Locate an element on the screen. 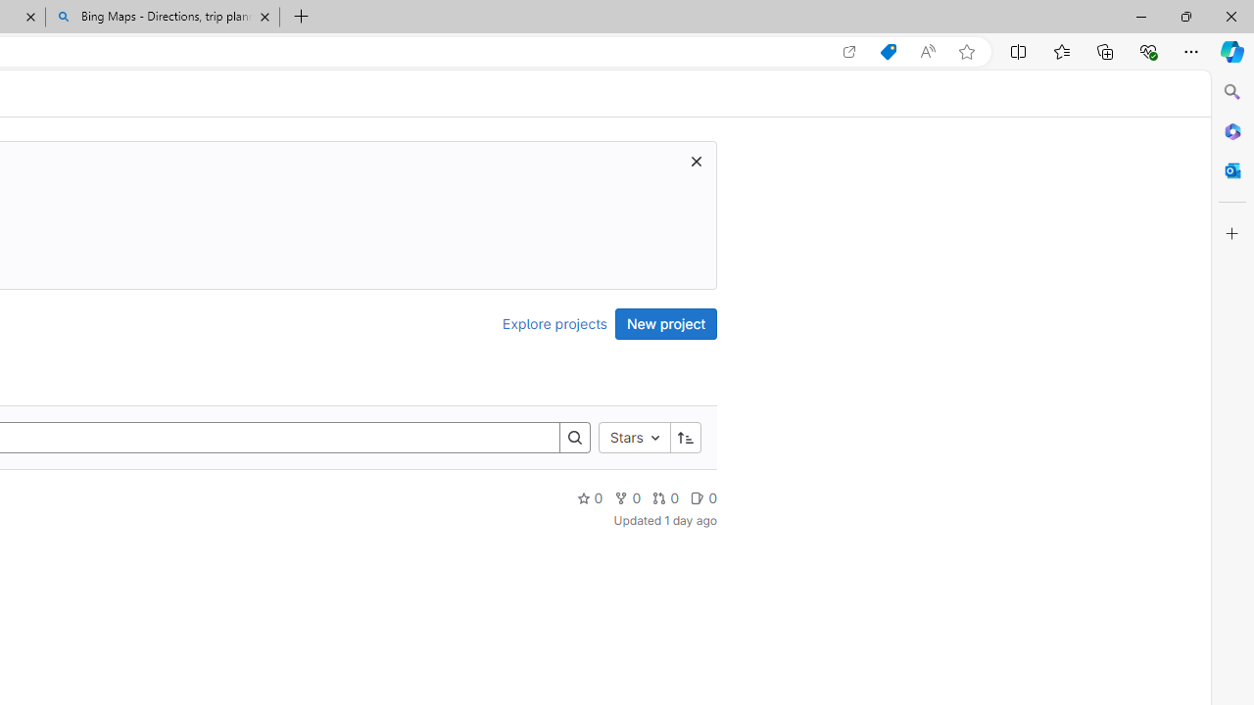  'Class: s16 gl-icon gl-button-icon ' is located at coordinates (697, 160).